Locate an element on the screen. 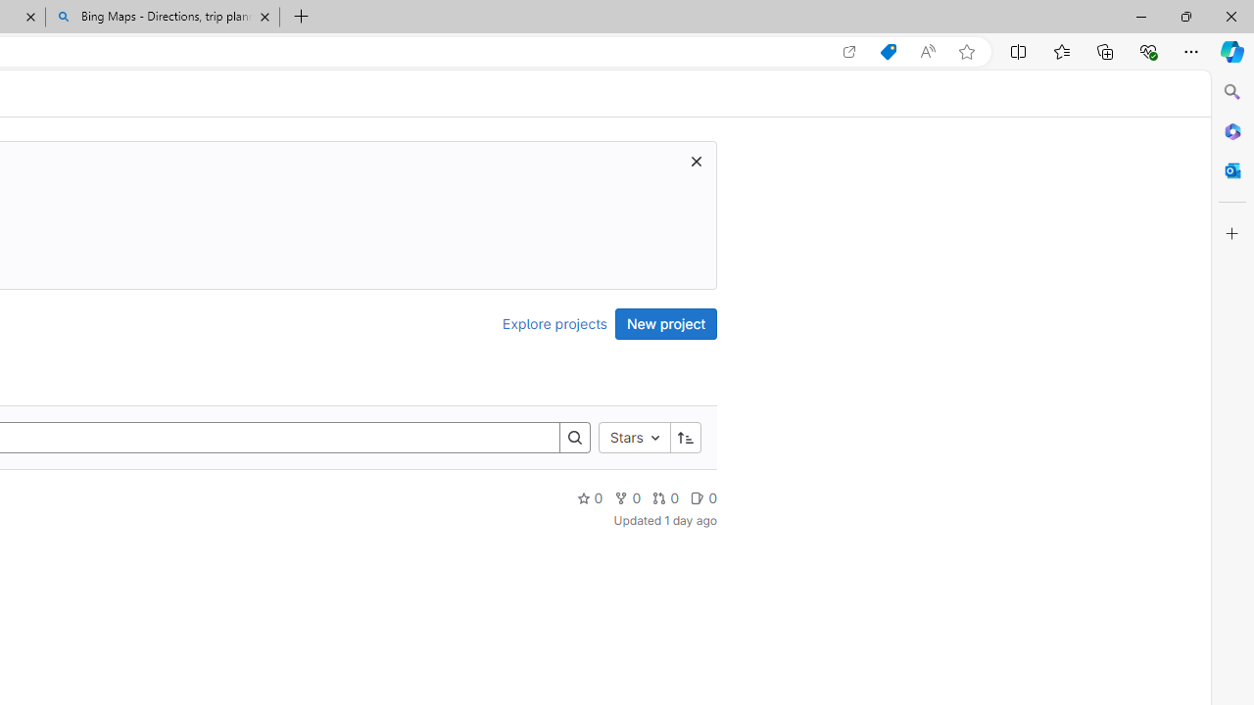  'Class: s16 gl-icon gl-button-icon ' is located at coordinates (697, 160).